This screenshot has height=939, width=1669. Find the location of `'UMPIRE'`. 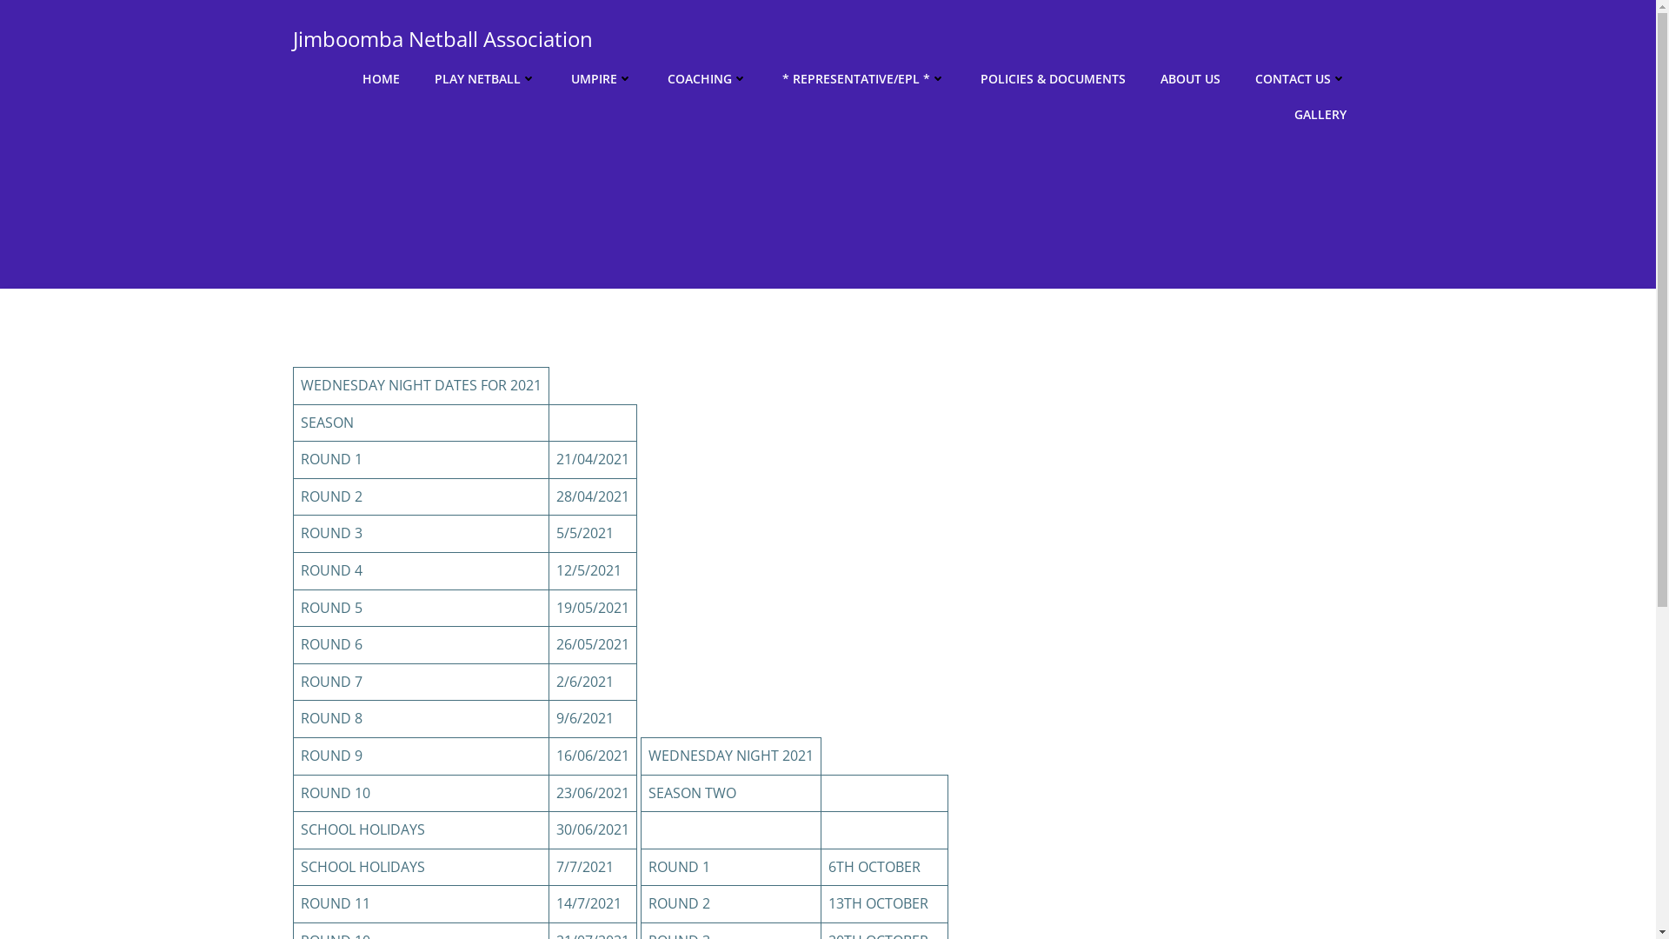

'UMPIRE' is located at coordinates (601, 78).